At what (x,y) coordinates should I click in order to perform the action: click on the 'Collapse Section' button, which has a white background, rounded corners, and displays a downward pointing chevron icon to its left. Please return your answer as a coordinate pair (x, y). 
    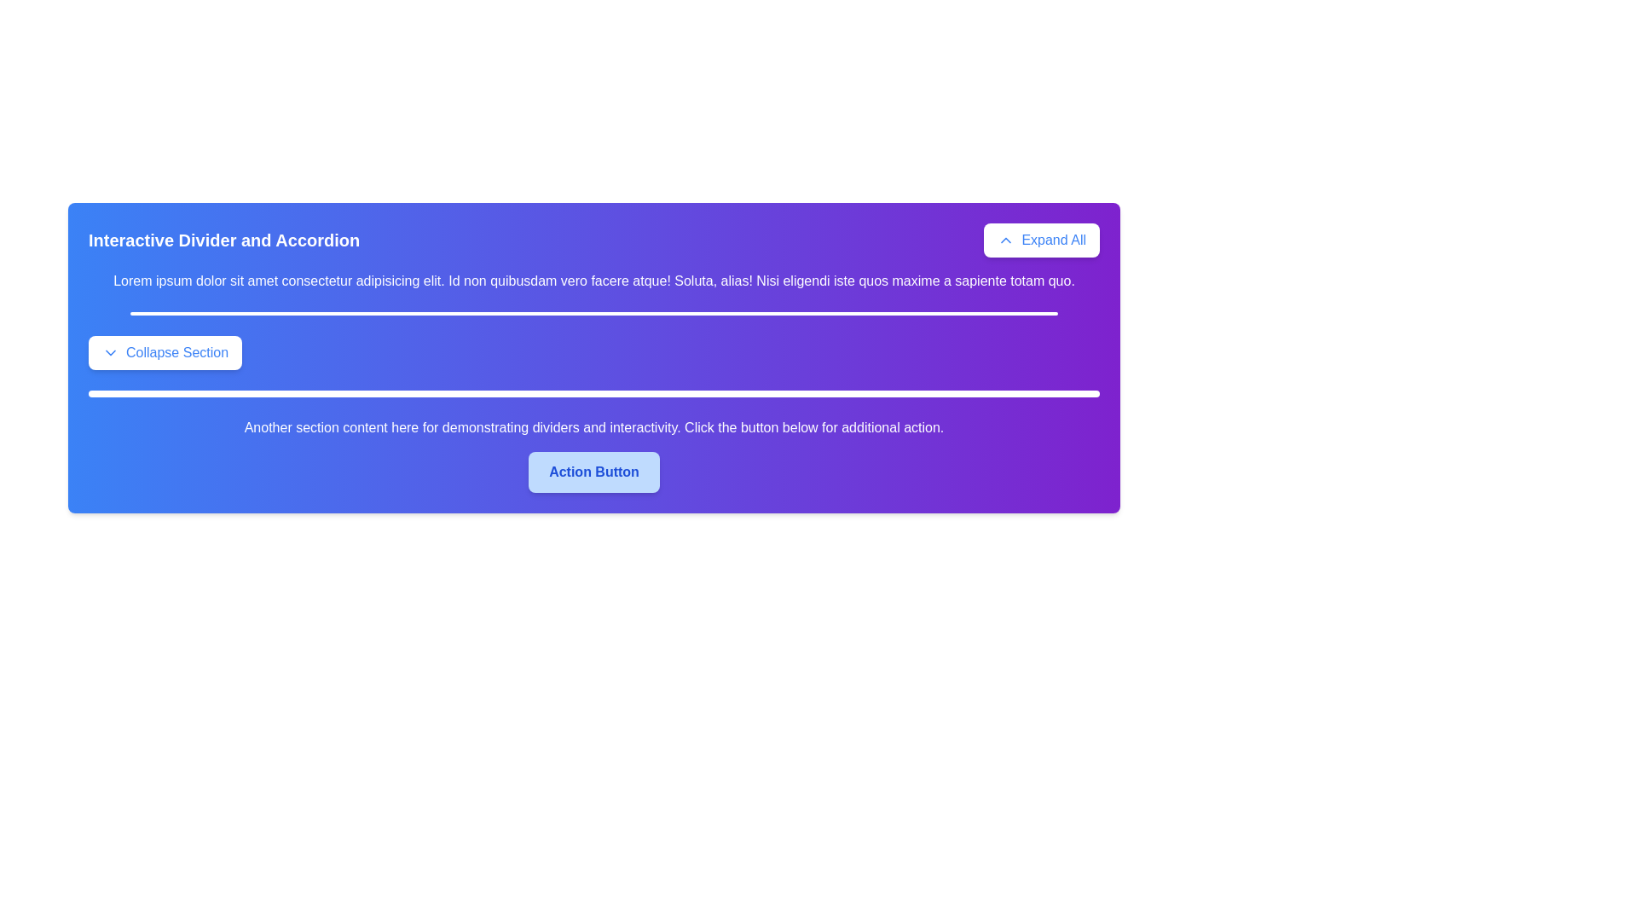
    Looking at the image, I should click on (165, 351).